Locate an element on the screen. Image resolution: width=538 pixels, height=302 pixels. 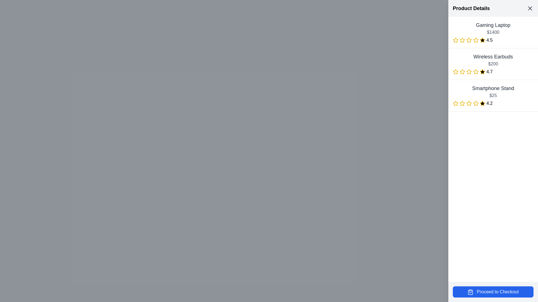
the text label displaying 'Gaming Laptop', which is a bold header for a product item listing located above the price label '$1400' is located at coordinates (493, 25).